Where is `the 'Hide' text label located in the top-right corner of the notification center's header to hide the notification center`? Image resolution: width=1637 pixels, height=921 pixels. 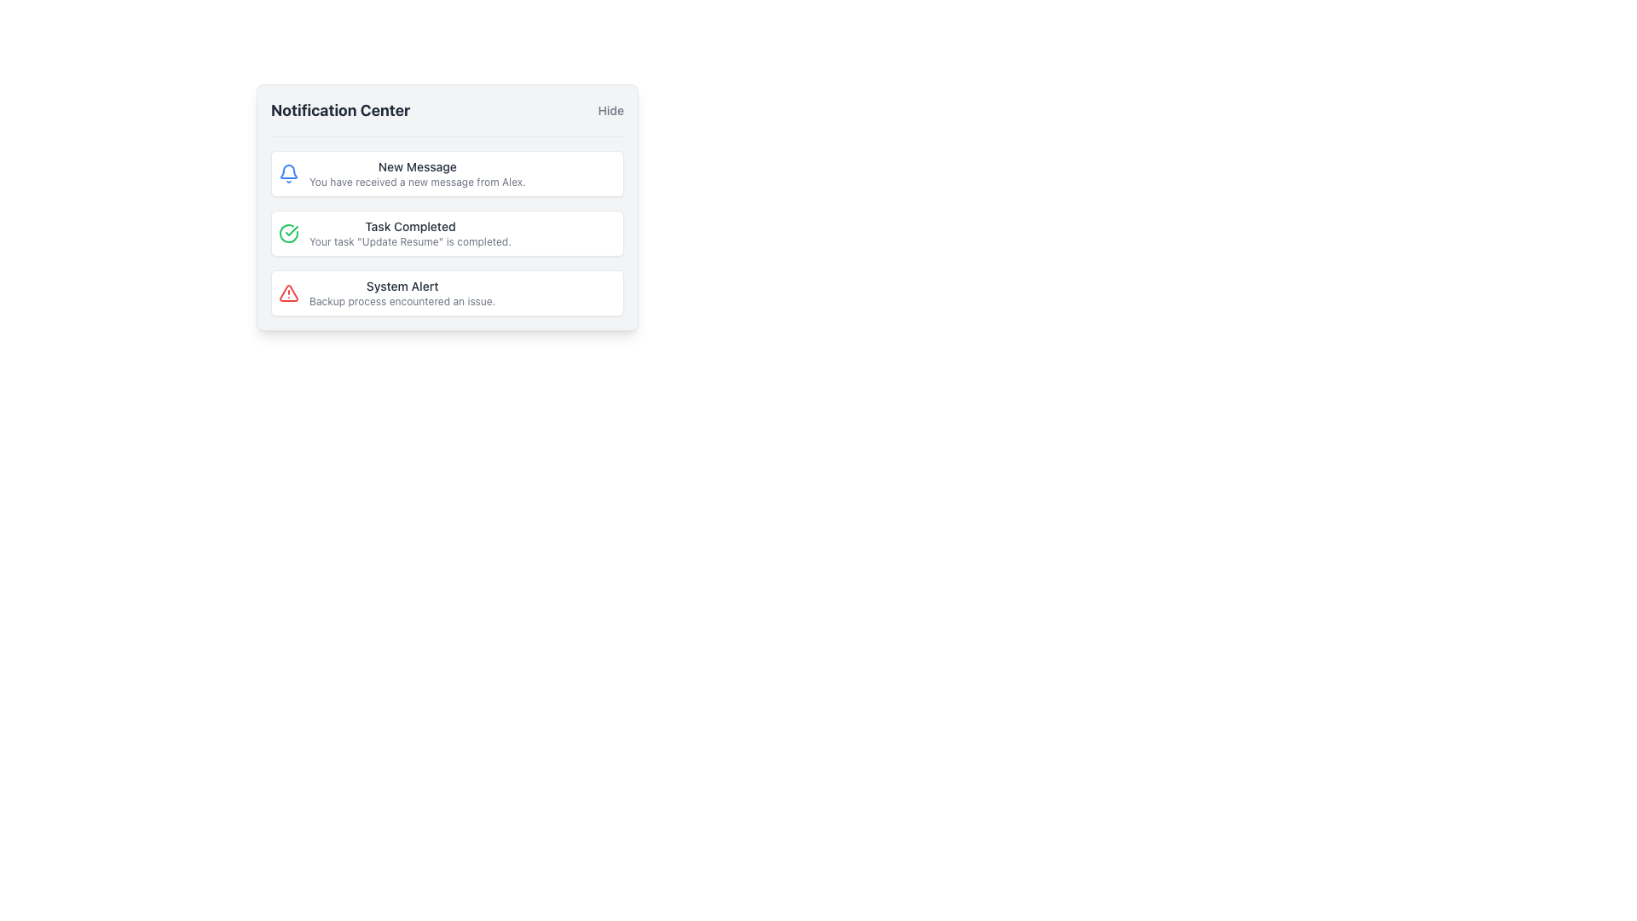
the 'Hide' text label located in the top-right corner of the notification center's header to hide the notification center is located at coordinates (610, 111).